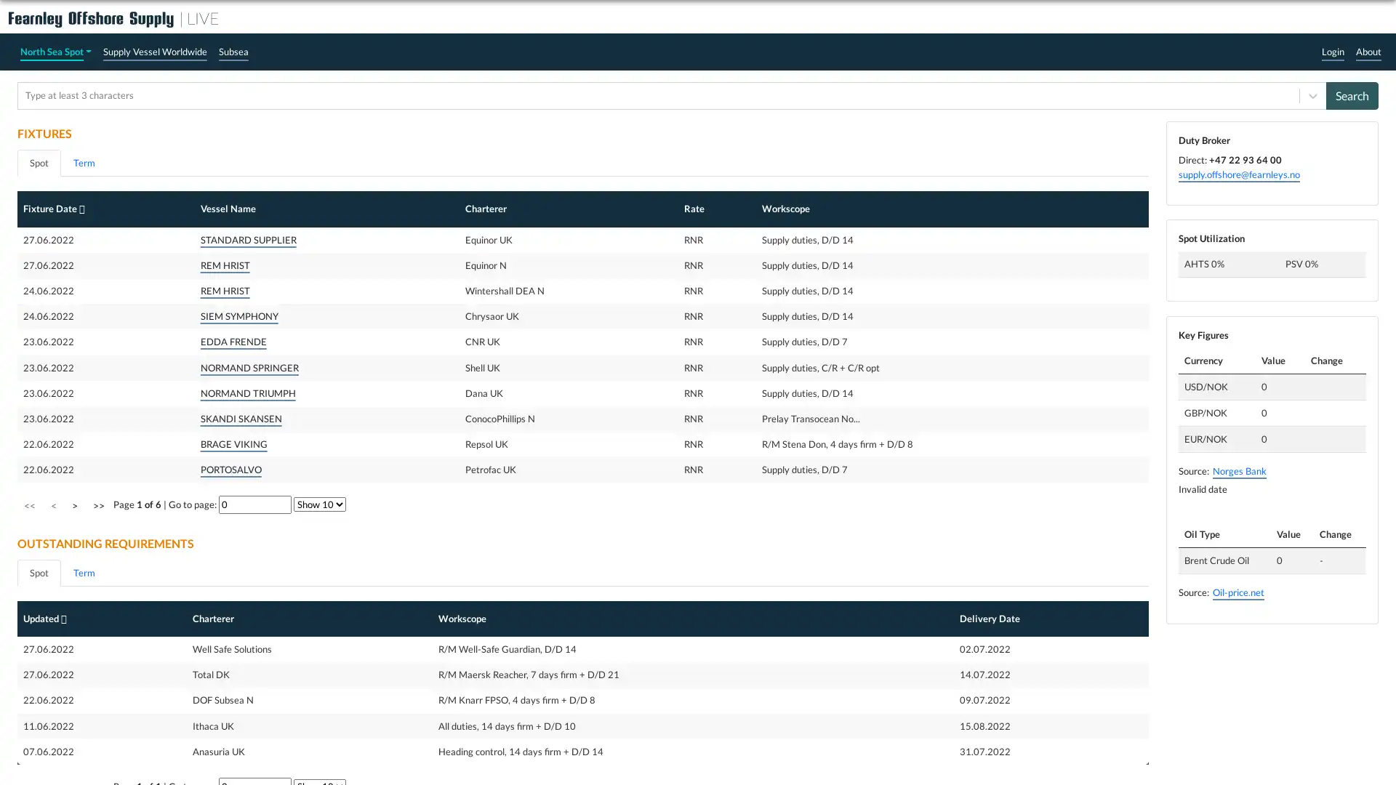 This screenshot has height=785, width=1396. Describe the element at coordinates (53, 504) in the screenshot. I see `<` at that location.